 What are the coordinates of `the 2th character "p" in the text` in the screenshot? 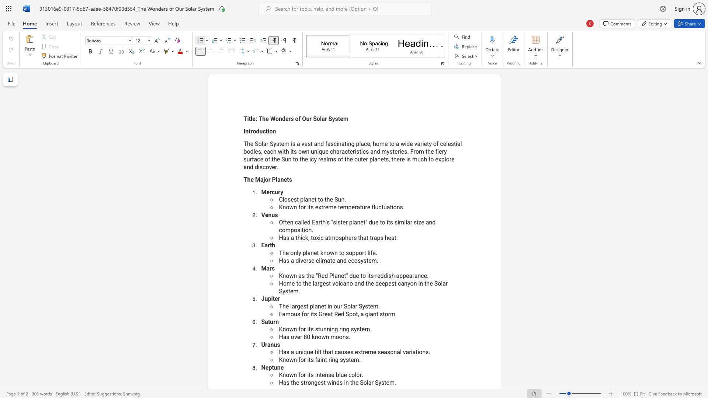 It's located at (292, 230).